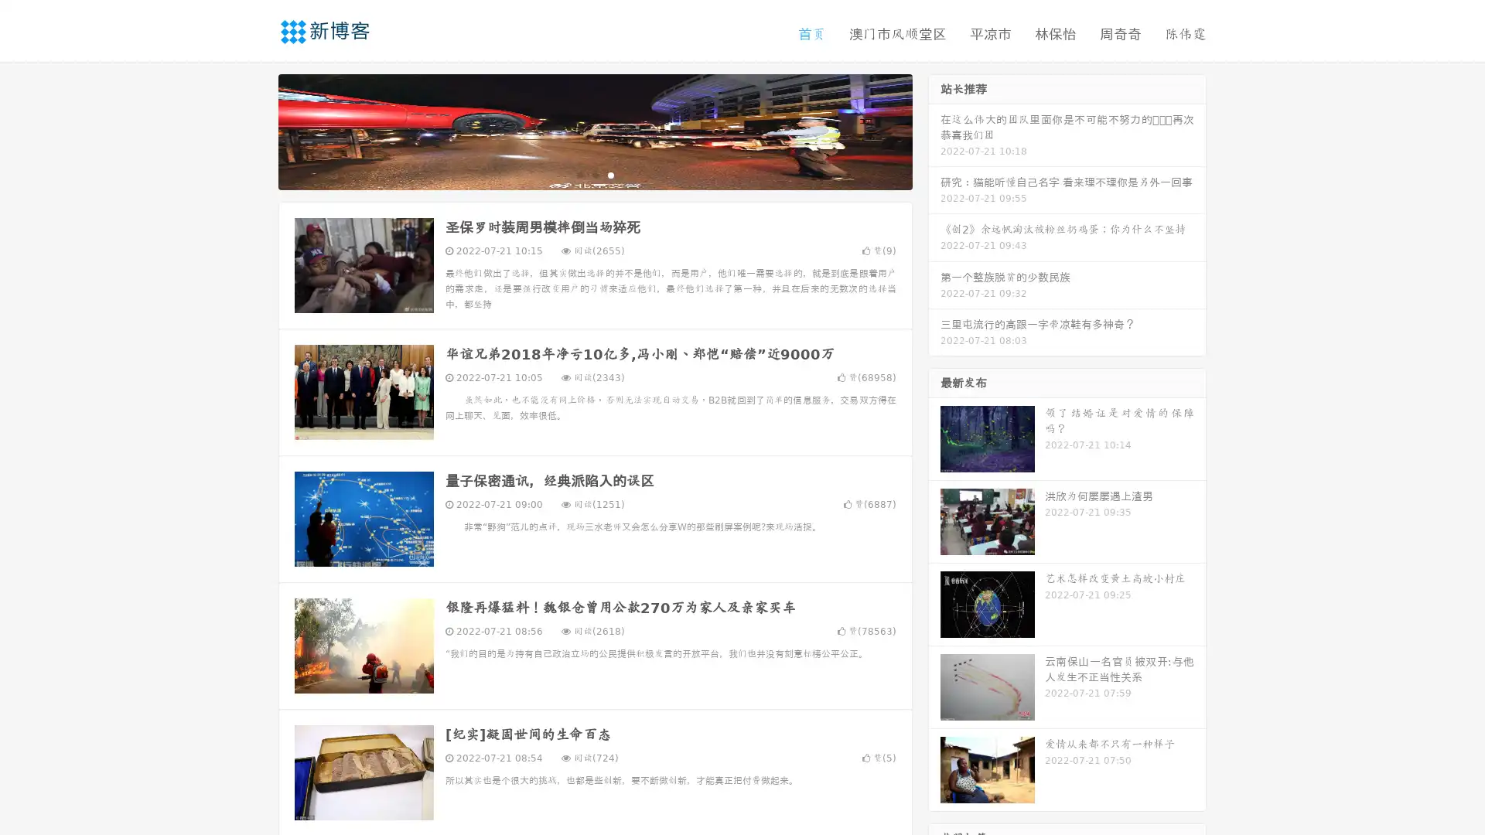 Image resolution: width=1485 pixels, height=835 pixels. Describe the element at coordinates (594, 174) in the screenshot. I see `Go to slide 2` at that location.